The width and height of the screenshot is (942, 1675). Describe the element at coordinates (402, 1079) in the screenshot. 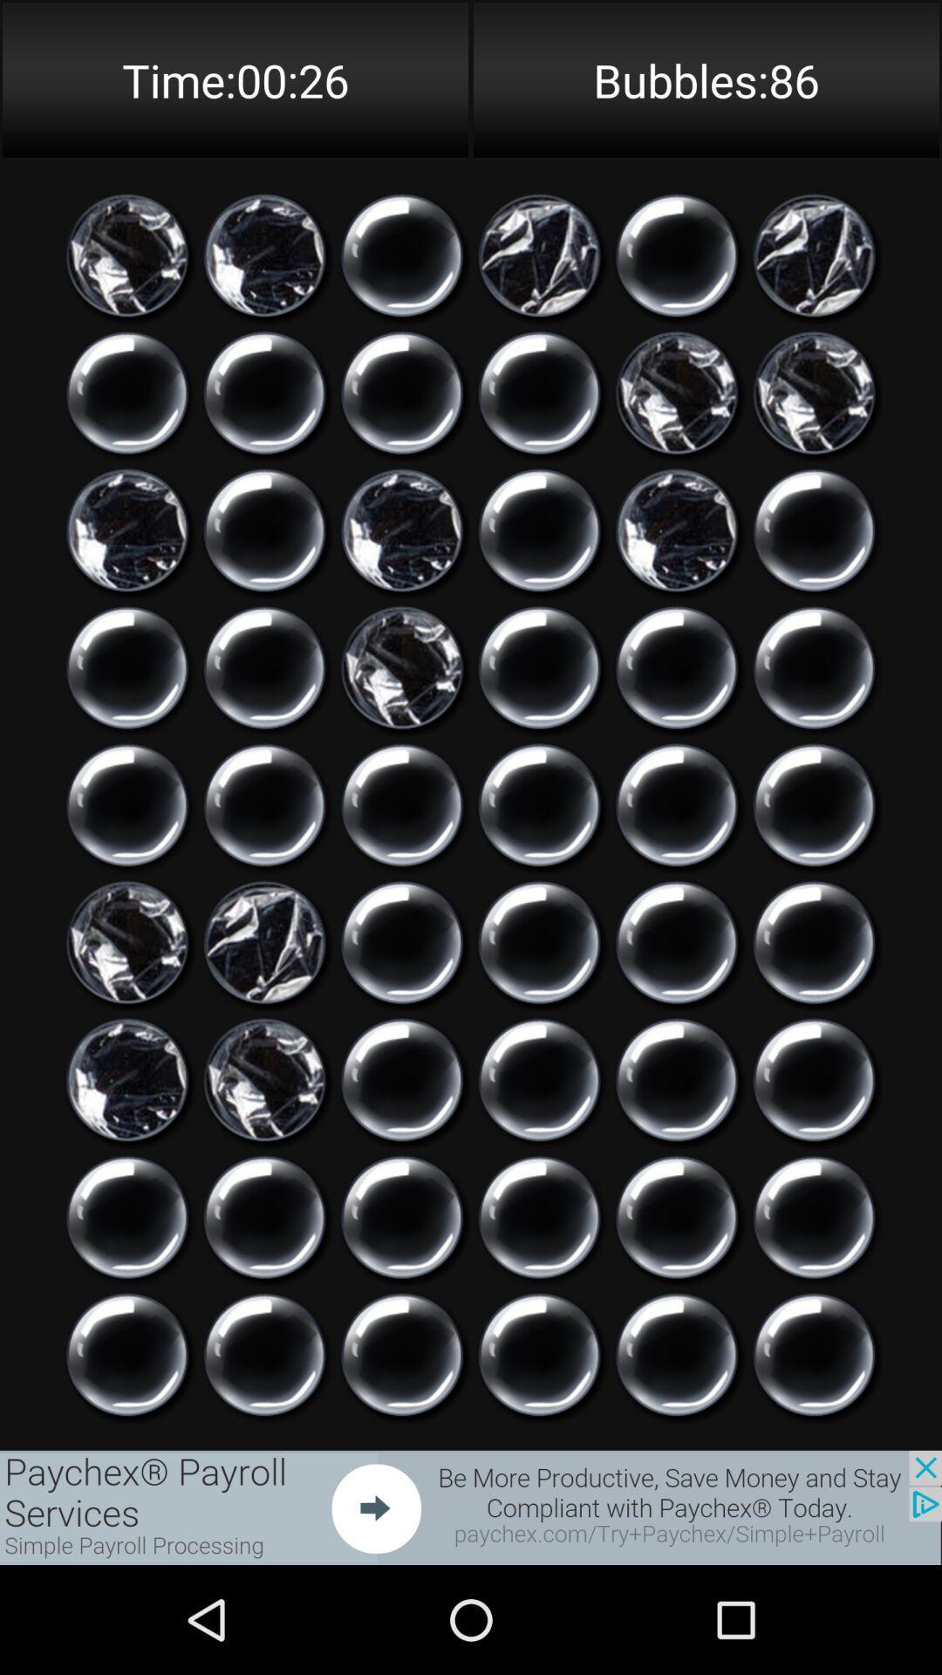

I see `pop bubble` at that location.